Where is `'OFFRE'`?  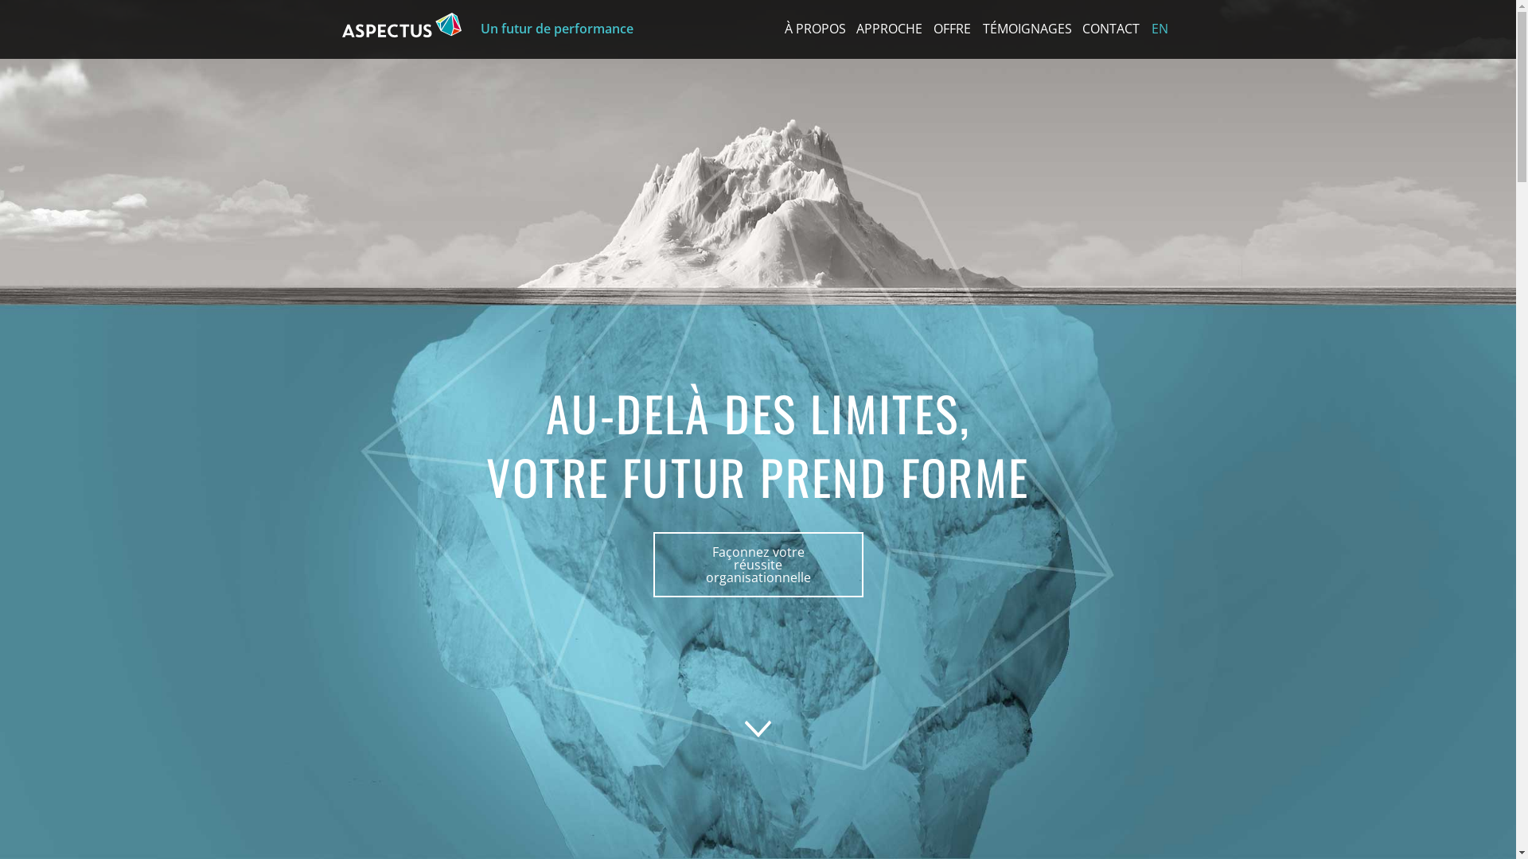 'OFFRE' is located at coordinates (950, 28).